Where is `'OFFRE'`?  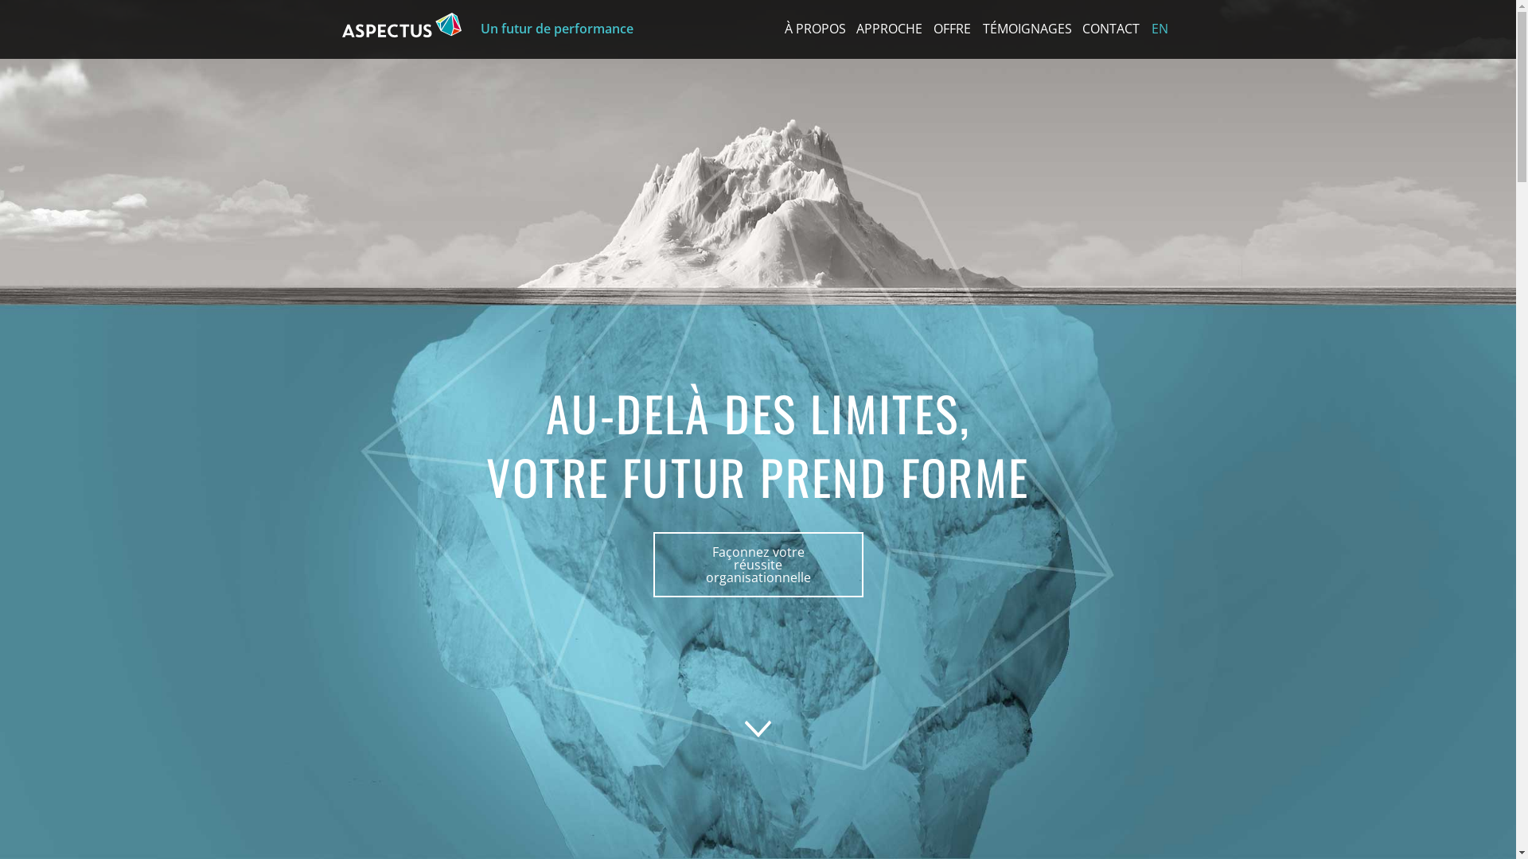 'OFFRE' is located at coordinates (950, 28).